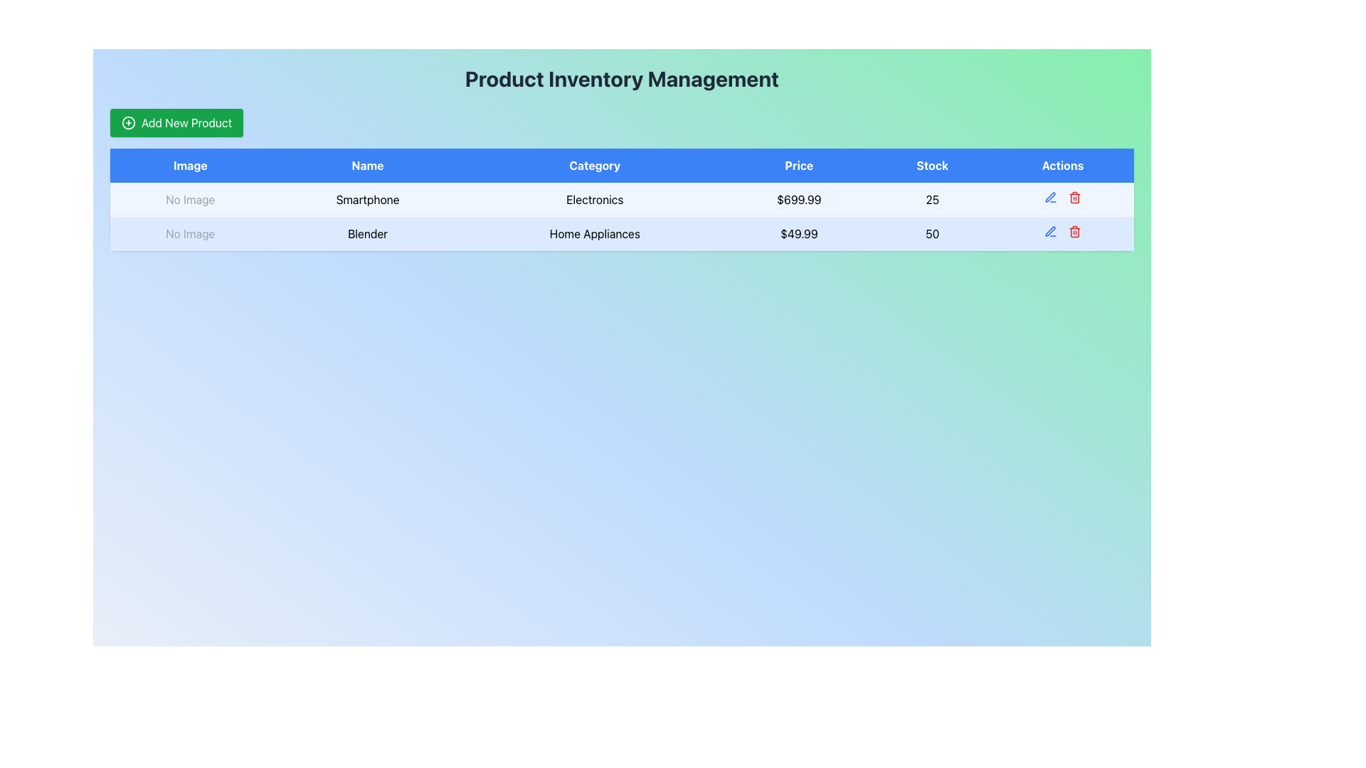 The image size is (1366, 768). Describe the element at coordinates (799, 233) in the screenshot. I see `the text label displaying the price '$49.99' for the 'Blender' item in the second row, fifth column of the product list table` at that location.